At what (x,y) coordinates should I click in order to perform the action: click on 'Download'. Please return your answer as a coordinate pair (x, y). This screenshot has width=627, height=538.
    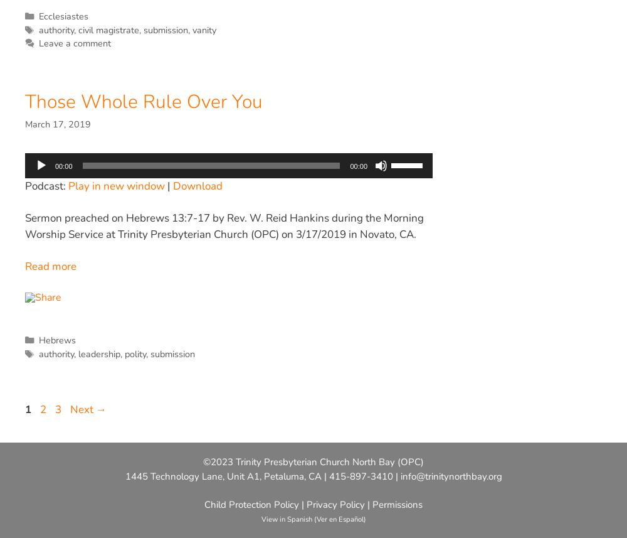
    Looking at the image, I should click on (197, 185).